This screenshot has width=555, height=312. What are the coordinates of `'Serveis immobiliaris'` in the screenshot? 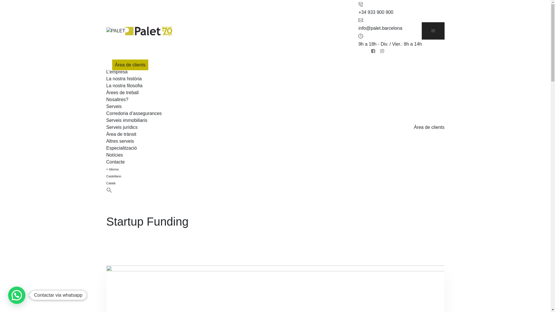 It's located at (126, 120).